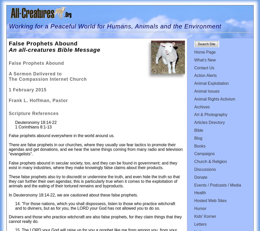 This screenshot has height=231, width=260. Describe the element at coordinates (204, 153) in the screenshot. I see `'Campaigns'` at that location.